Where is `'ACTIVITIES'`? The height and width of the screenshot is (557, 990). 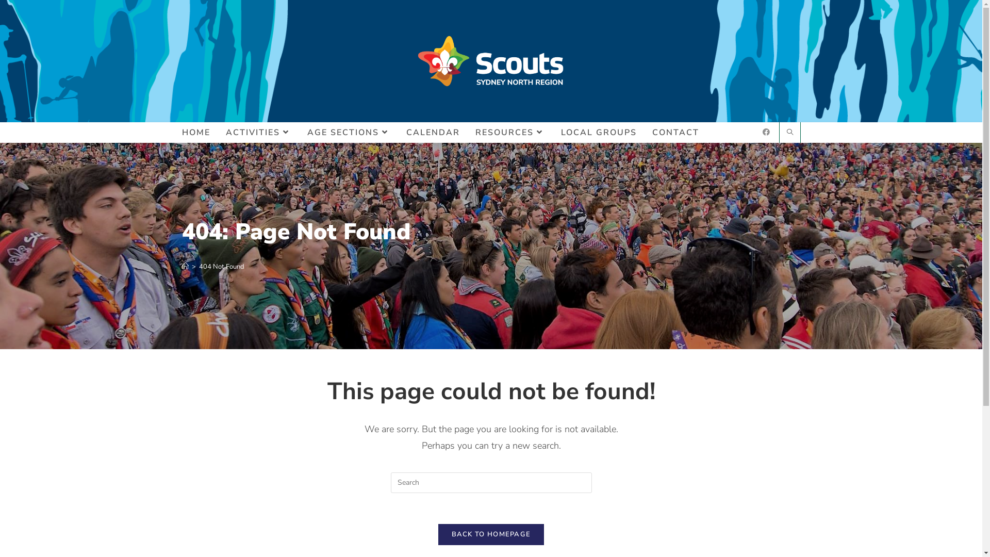
'ACTIVITIES' is located at coordinates (258, 132).